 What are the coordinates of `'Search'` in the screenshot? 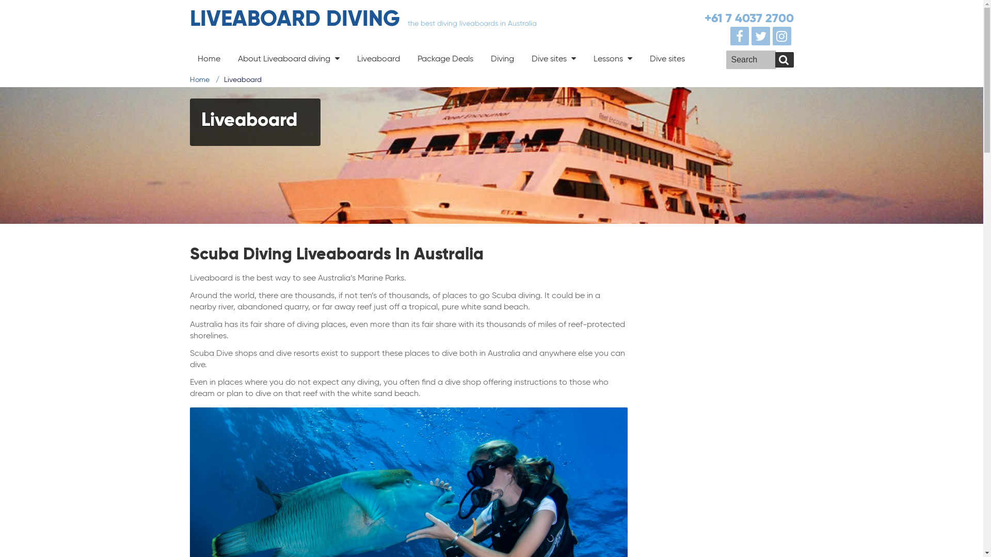 It's located at (775, 59).